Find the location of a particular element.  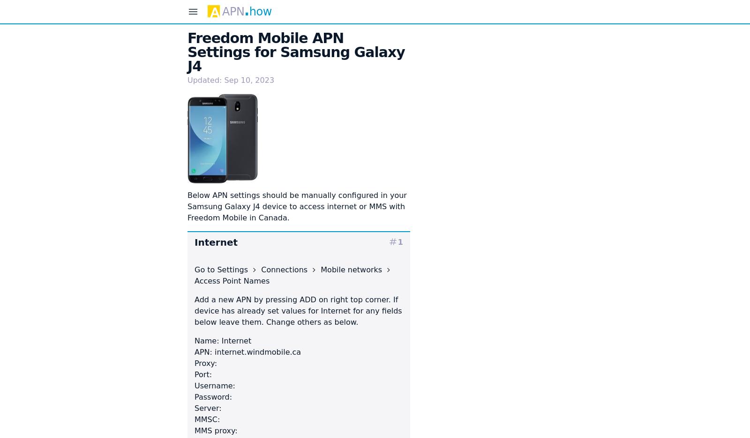

'APN:' is located at coordinates (204, 351).